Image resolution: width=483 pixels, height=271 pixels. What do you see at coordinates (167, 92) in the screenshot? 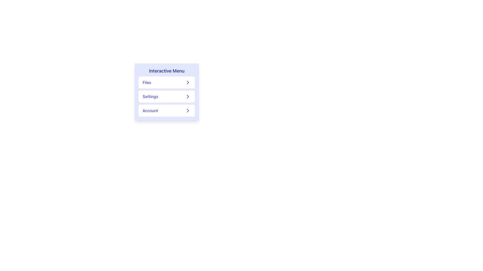
I see `the 'Settings' interactive button located in the vertical 'Interactive Menu', positioned between 'Files' and 'Account'` at bounding box center [167, 92].